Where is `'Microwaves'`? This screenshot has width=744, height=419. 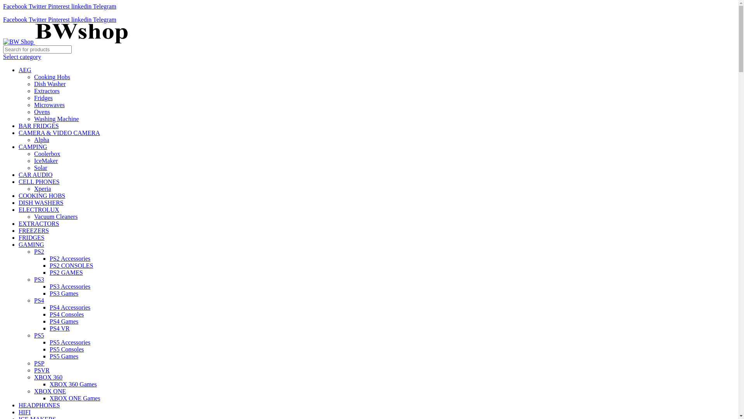 'Microwaves' is located at coordinates (49, 105).